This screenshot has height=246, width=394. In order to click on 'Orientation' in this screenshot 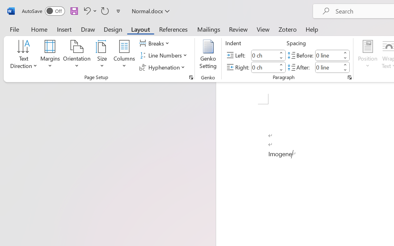, I will do `click(77, 55)`.